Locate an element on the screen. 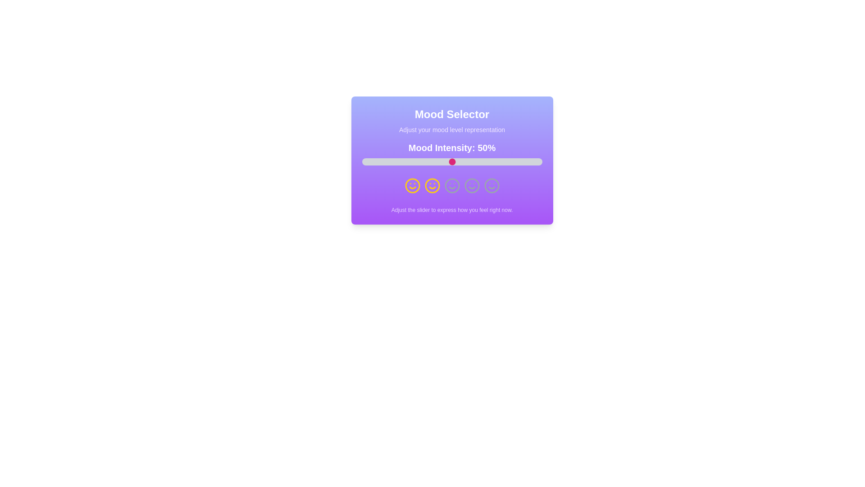 The height and width of the screenshot is (487, 865). the mood intensity slider to 16% is located at coordinates (391, 161).